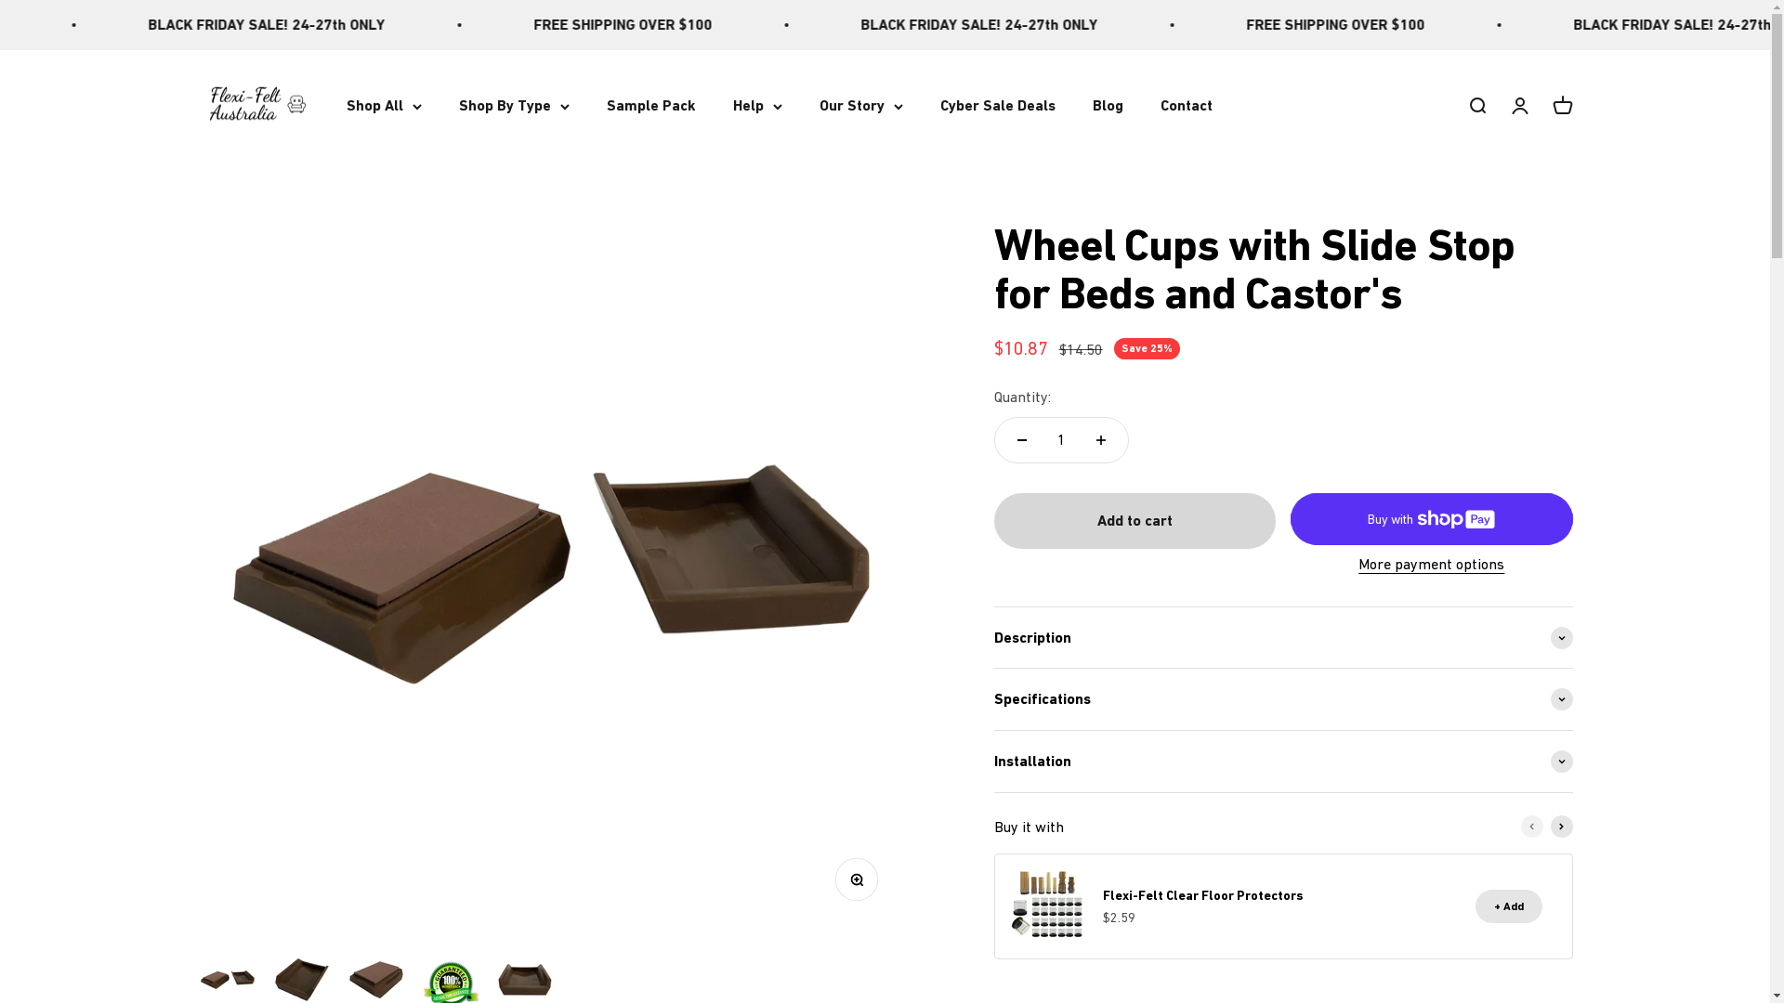 The width and height of the screenshot is (1784, 1003). What do you see at coordinates (1508, 905) in the screenshot?
I see `'+ Add'` at bounding box center [1508, 905].